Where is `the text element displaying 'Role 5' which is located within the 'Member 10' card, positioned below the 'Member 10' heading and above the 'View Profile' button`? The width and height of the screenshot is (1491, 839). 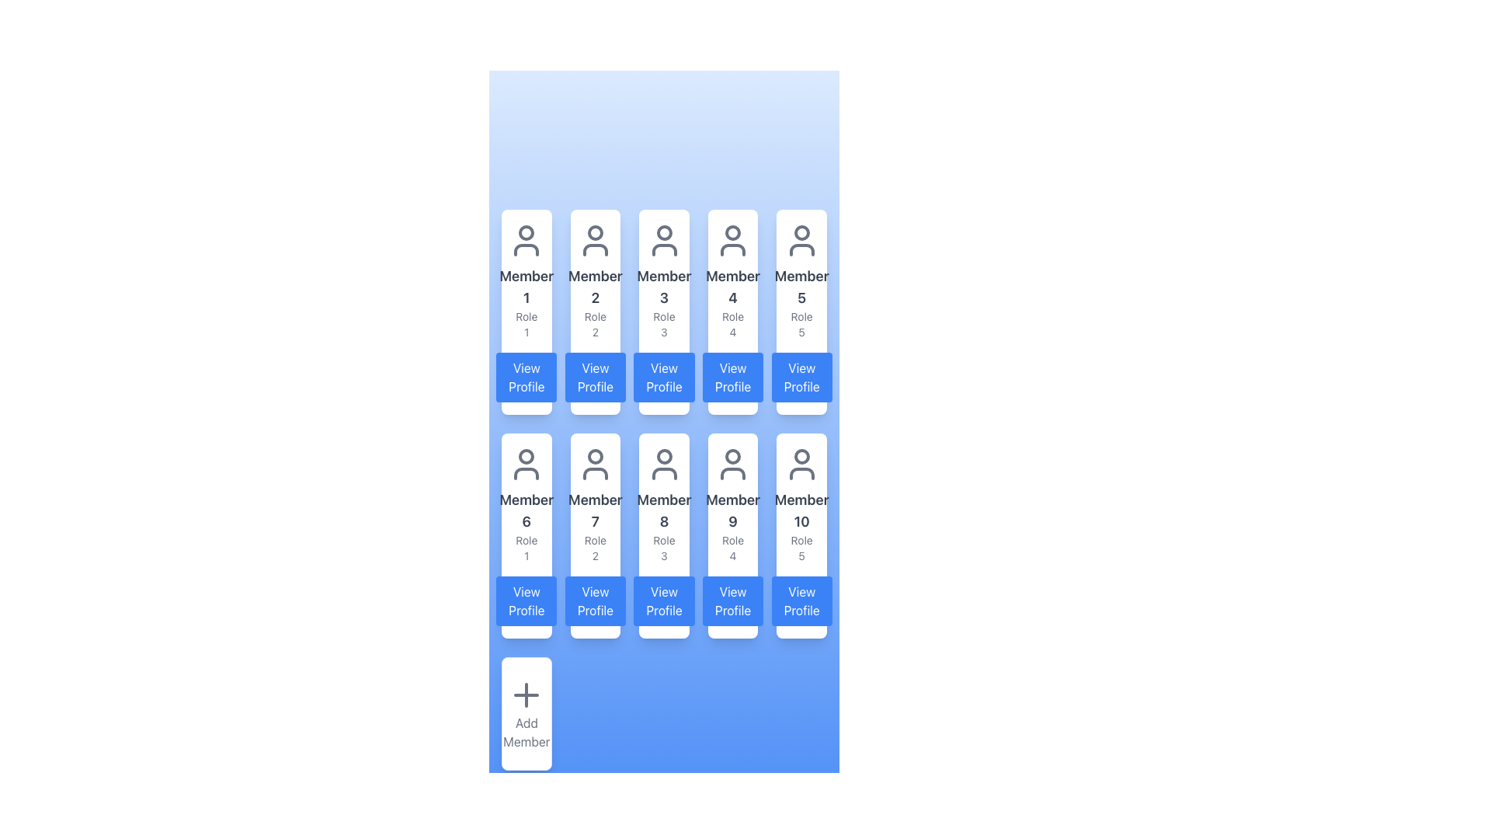 the text element displaying 'Role 5' which is located within the 'Member 10' card, positioned below the 'Member 10' heading and above the 'View Profile' button is located at coordinates (801, 547).